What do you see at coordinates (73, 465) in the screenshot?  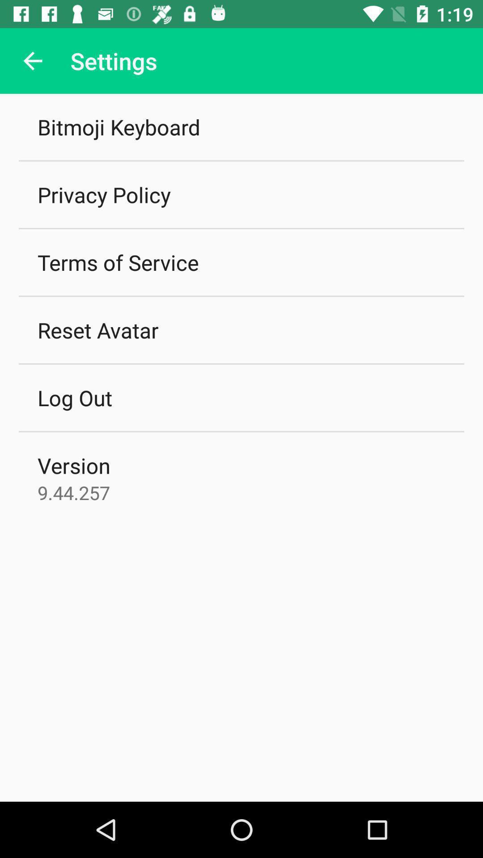 I see `version` at bounding box center [73, 465].